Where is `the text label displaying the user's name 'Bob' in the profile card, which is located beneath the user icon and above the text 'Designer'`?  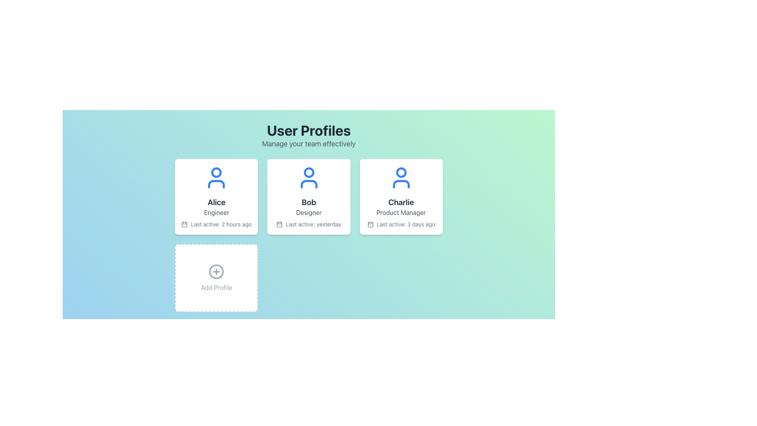 the text label displaying the user's name 'Bob' in the profile card, which is located beneath the user icon and above the text 'Designer' is located at coordinates (308, 202).